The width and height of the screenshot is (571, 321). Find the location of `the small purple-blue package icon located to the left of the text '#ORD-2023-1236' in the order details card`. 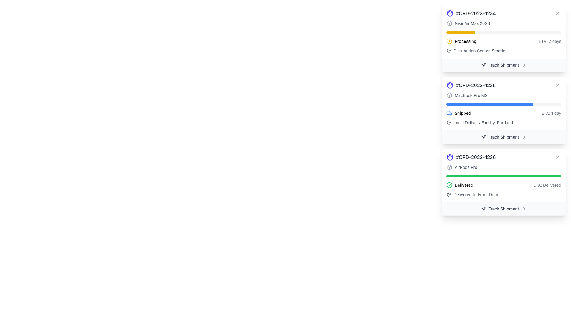

the small purple-blue package icon located to the left of the text '#ORD-2023-1236' in the order details card is located at coordinates (450, 157).